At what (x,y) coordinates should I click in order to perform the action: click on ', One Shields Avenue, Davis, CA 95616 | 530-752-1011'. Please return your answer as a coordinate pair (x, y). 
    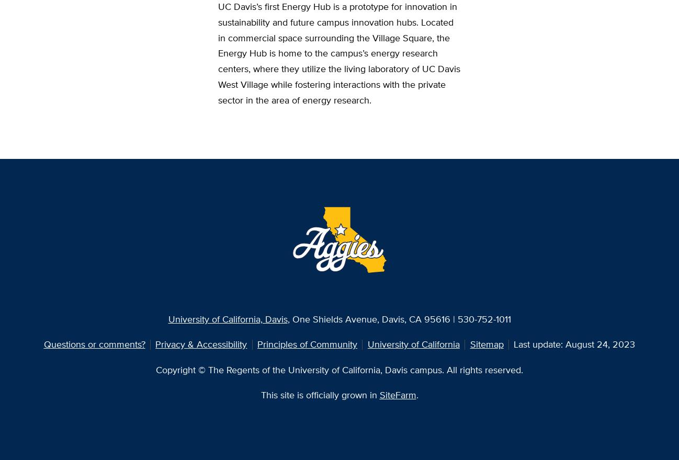
    Looking at the image, I should click on (399, 318).